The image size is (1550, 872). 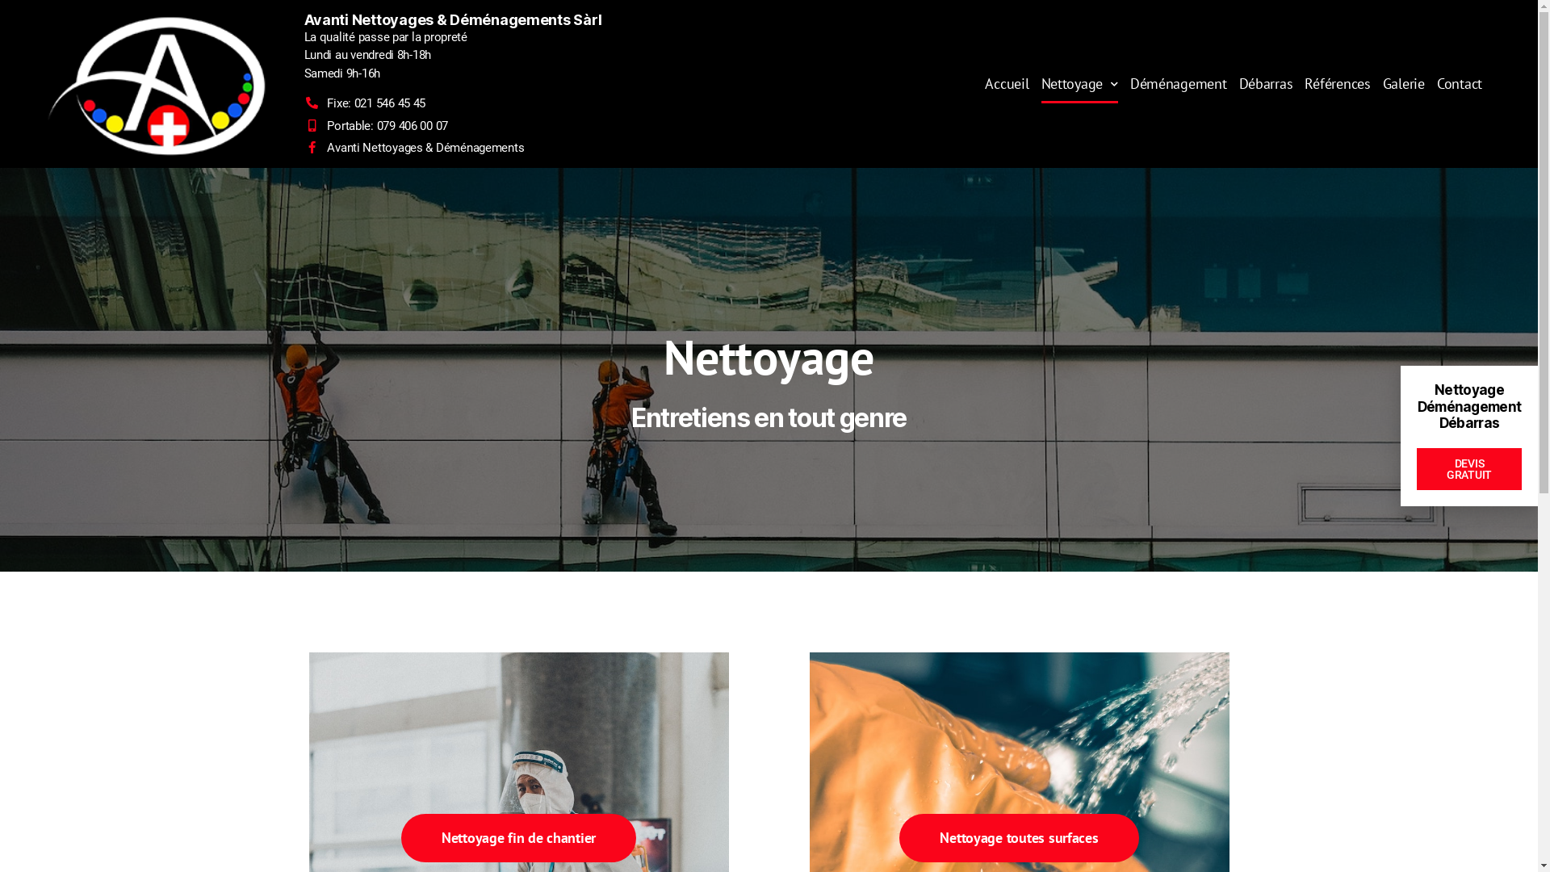 I want to click on 'Nettoyage toutes surfaces', so click(x=1018, y=836).